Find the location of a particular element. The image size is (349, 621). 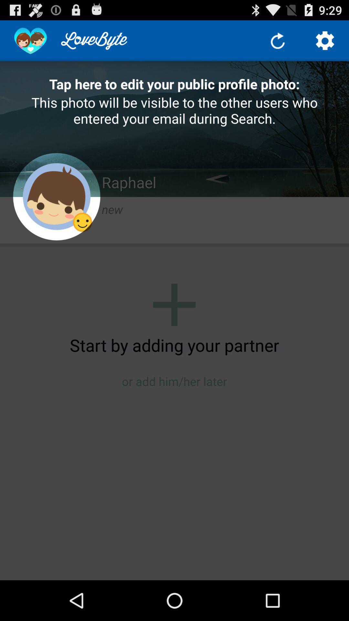

the add symbol at the center of the page is located at coordinates (174, 304).